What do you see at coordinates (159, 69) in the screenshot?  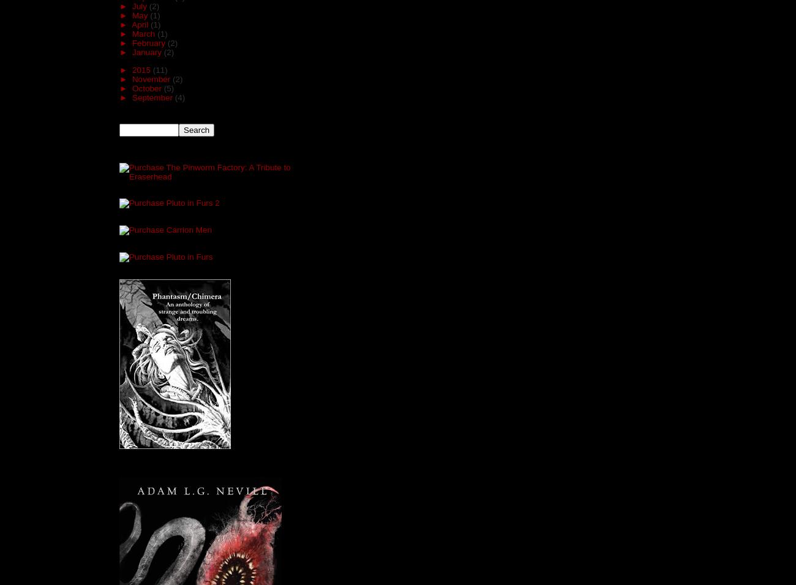 I see `'(11)'` at bounding box center [159, 69].